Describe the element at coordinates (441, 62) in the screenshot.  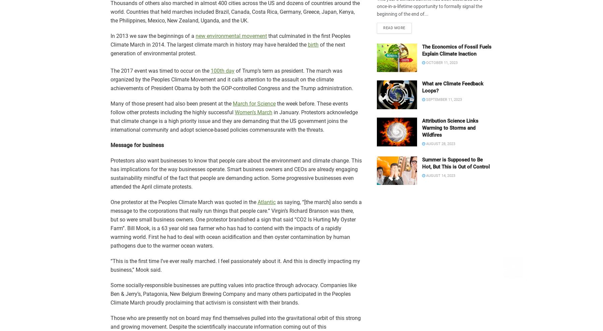
I see `'October 11, 2023'` at that location.